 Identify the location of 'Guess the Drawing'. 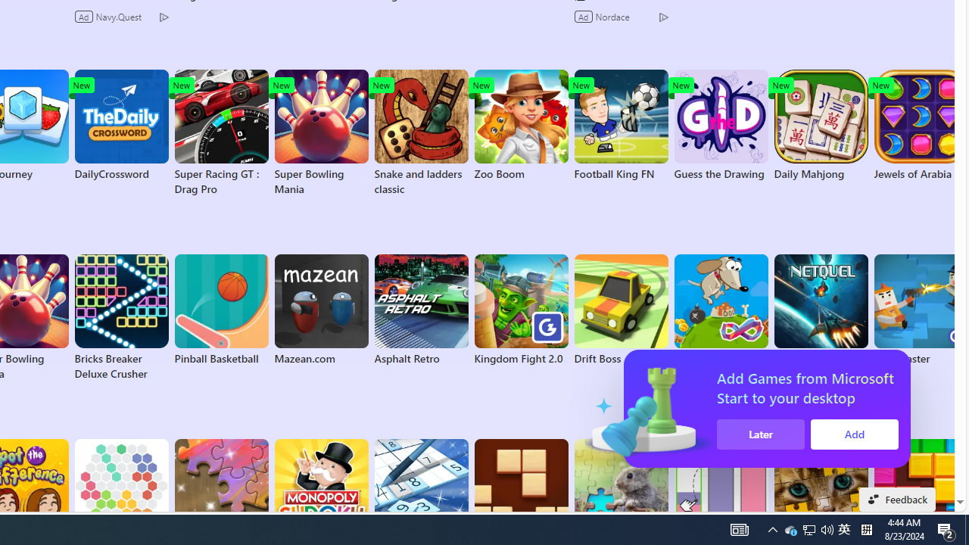
(720, 124).